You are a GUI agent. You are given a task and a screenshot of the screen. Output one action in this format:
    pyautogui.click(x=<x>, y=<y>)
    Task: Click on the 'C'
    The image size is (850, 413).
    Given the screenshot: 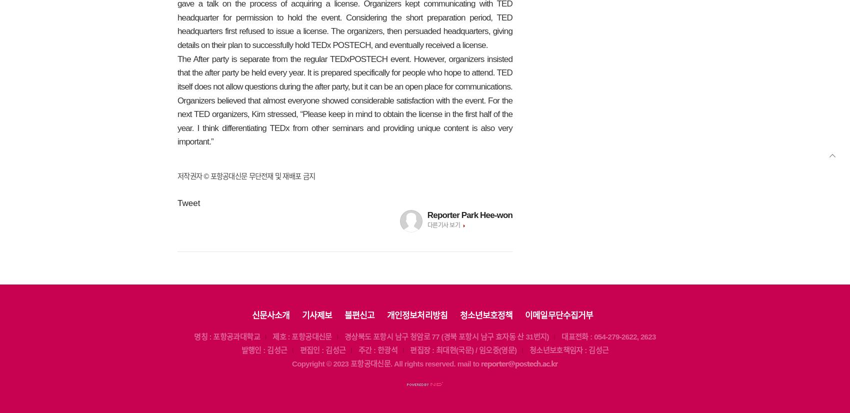 What is the action you would take?
    pyautogui.click(x=293, y=363)
    